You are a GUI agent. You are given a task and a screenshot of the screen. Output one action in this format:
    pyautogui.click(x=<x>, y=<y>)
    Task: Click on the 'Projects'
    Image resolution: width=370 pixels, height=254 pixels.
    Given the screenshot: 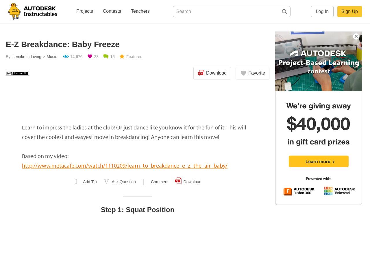 What is the action you would take?
    pyautogui.click(x=84, y=11)
    